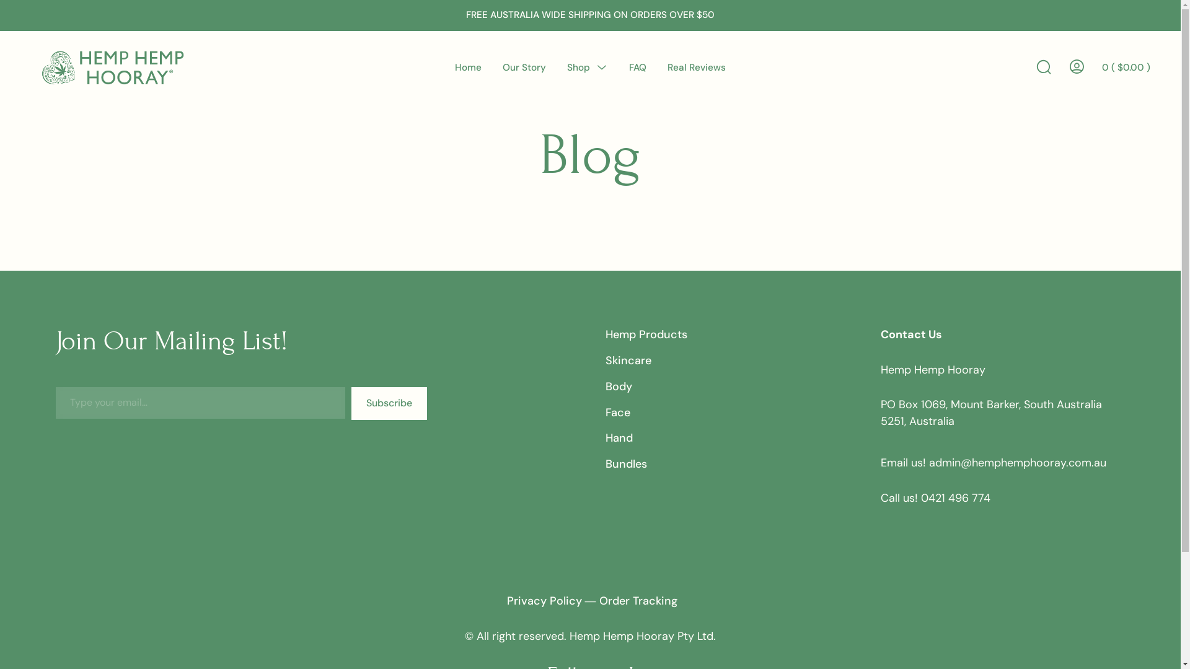 The height and width of the screenshot is (669, 1190). I want to click on 'Search', so click(1033, 66).